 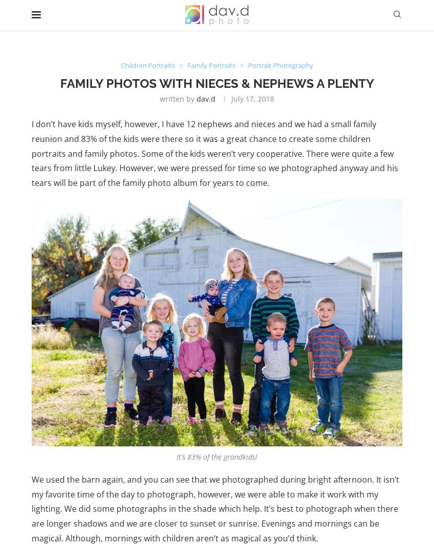 I want to click on 'Portrait Photography', so click(x=248, y=64).